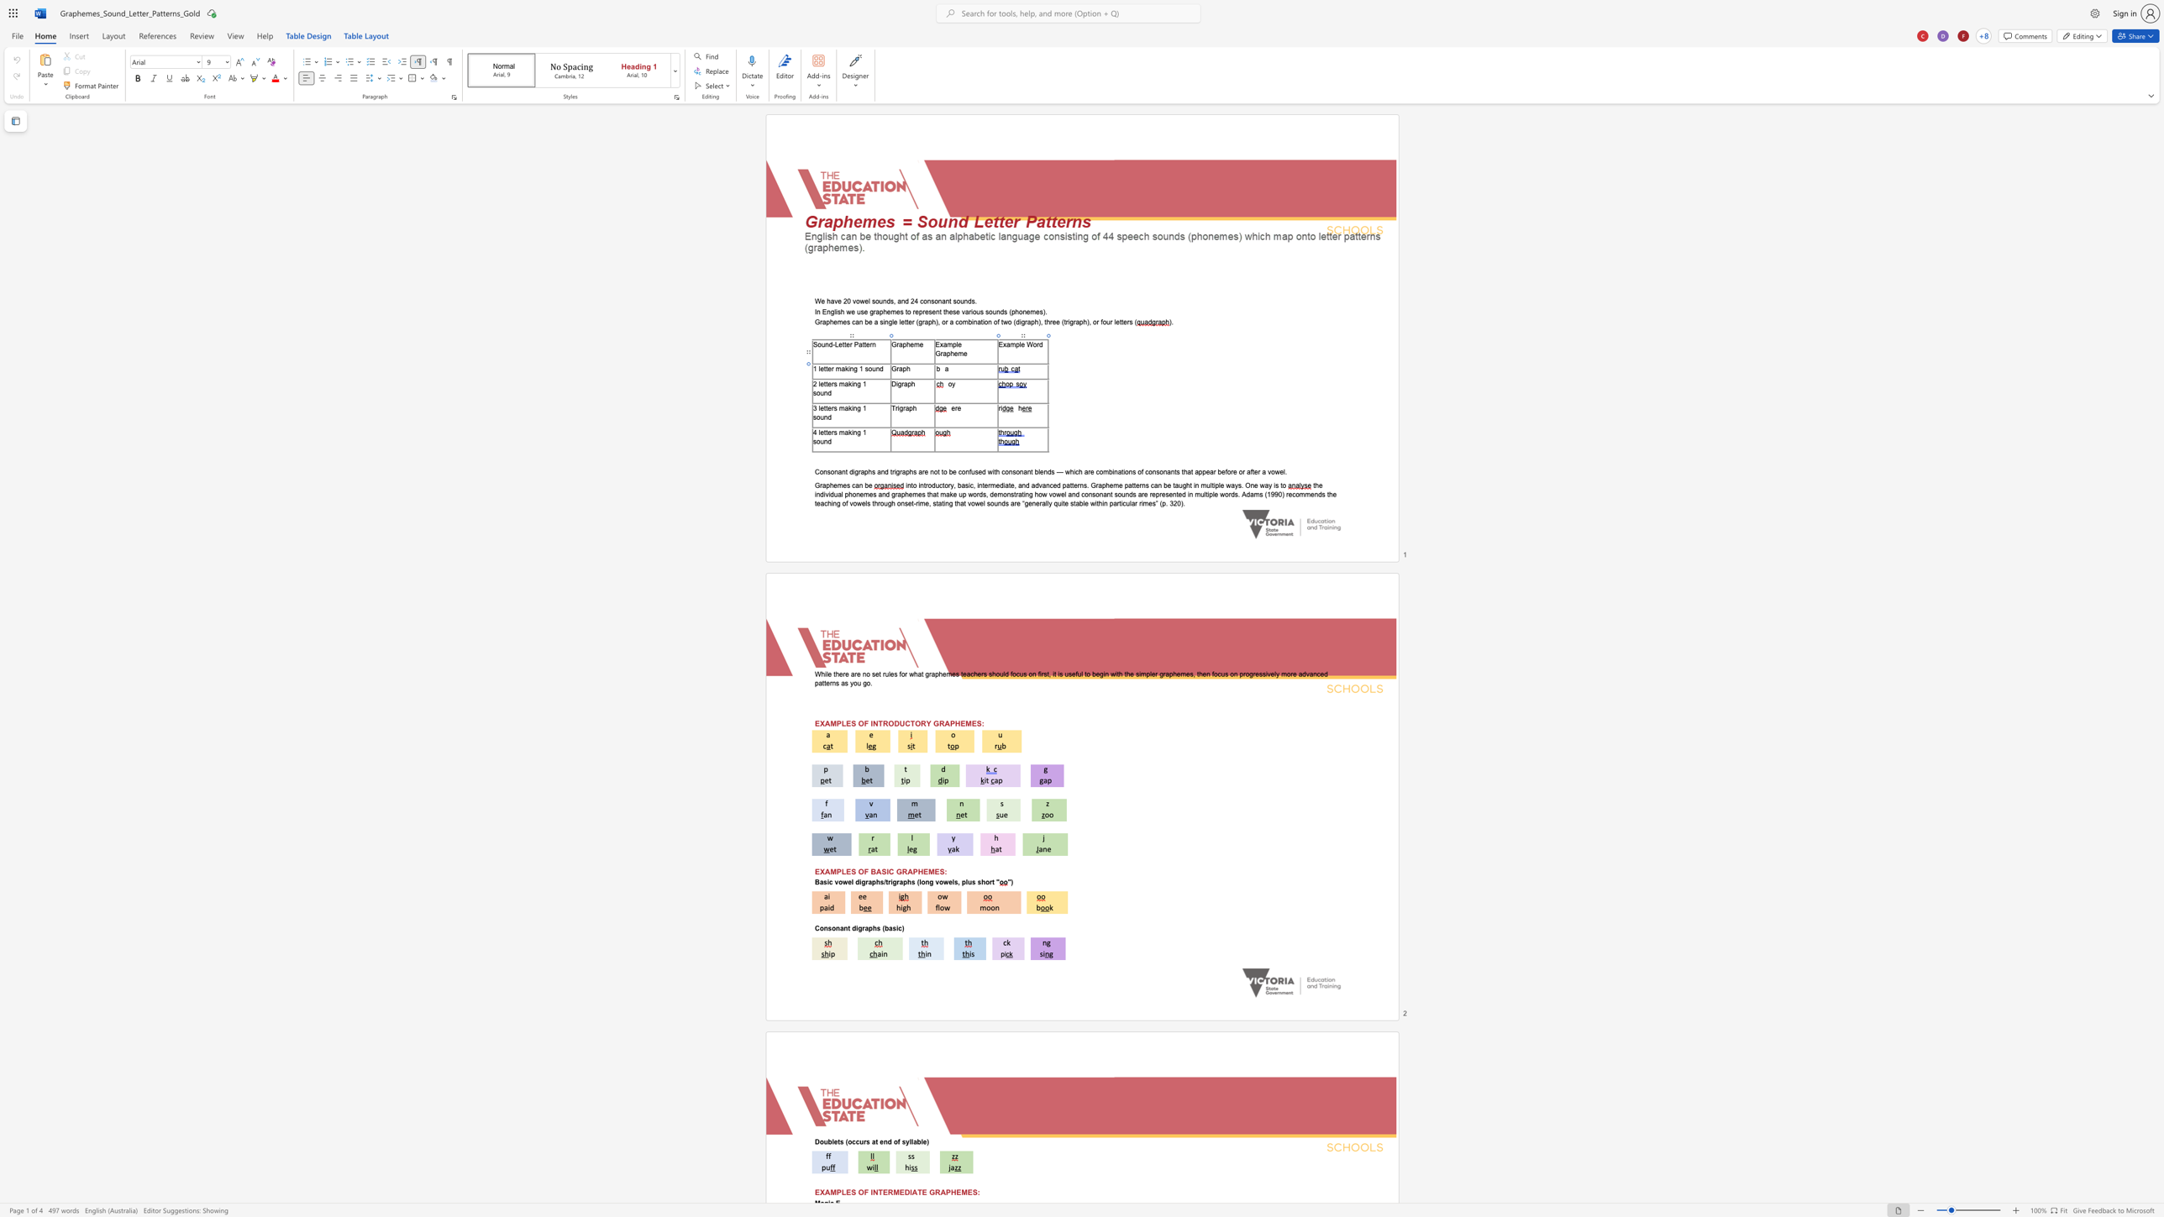 The image size is (2164, 1217). I want to click on the space between the continuous character "m" and "a" in the text, so click(840, 369).